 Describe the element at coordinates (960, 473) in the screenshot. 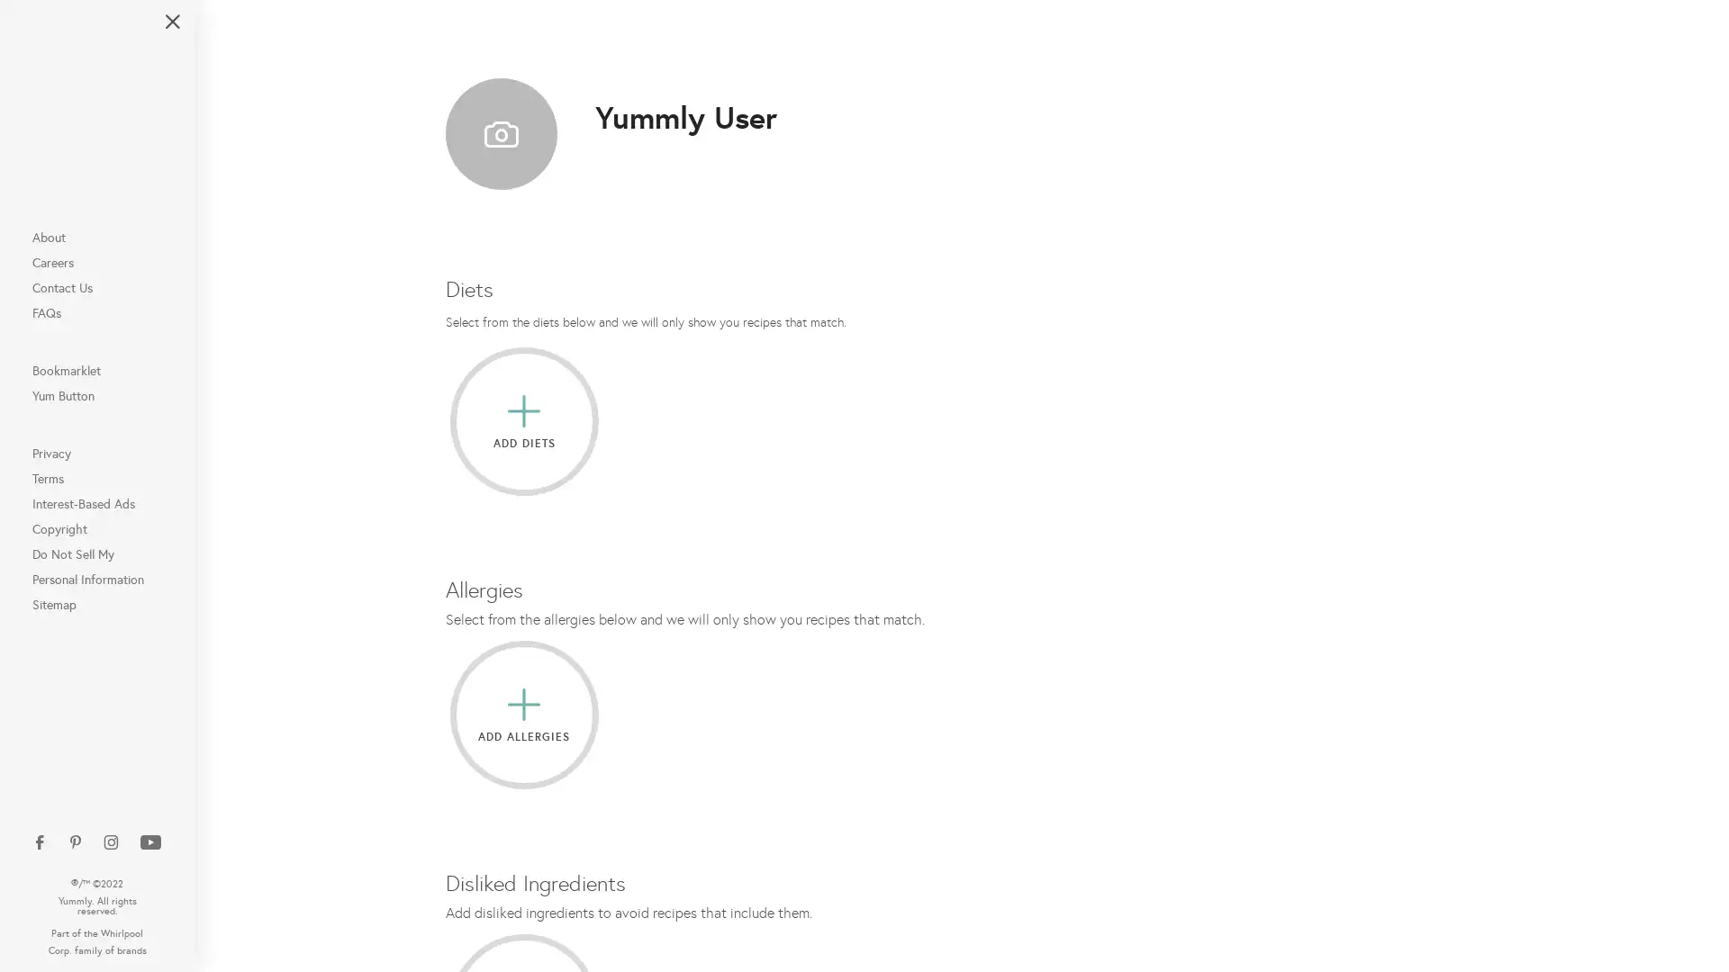

I see `Connect with Facebook` at that location.